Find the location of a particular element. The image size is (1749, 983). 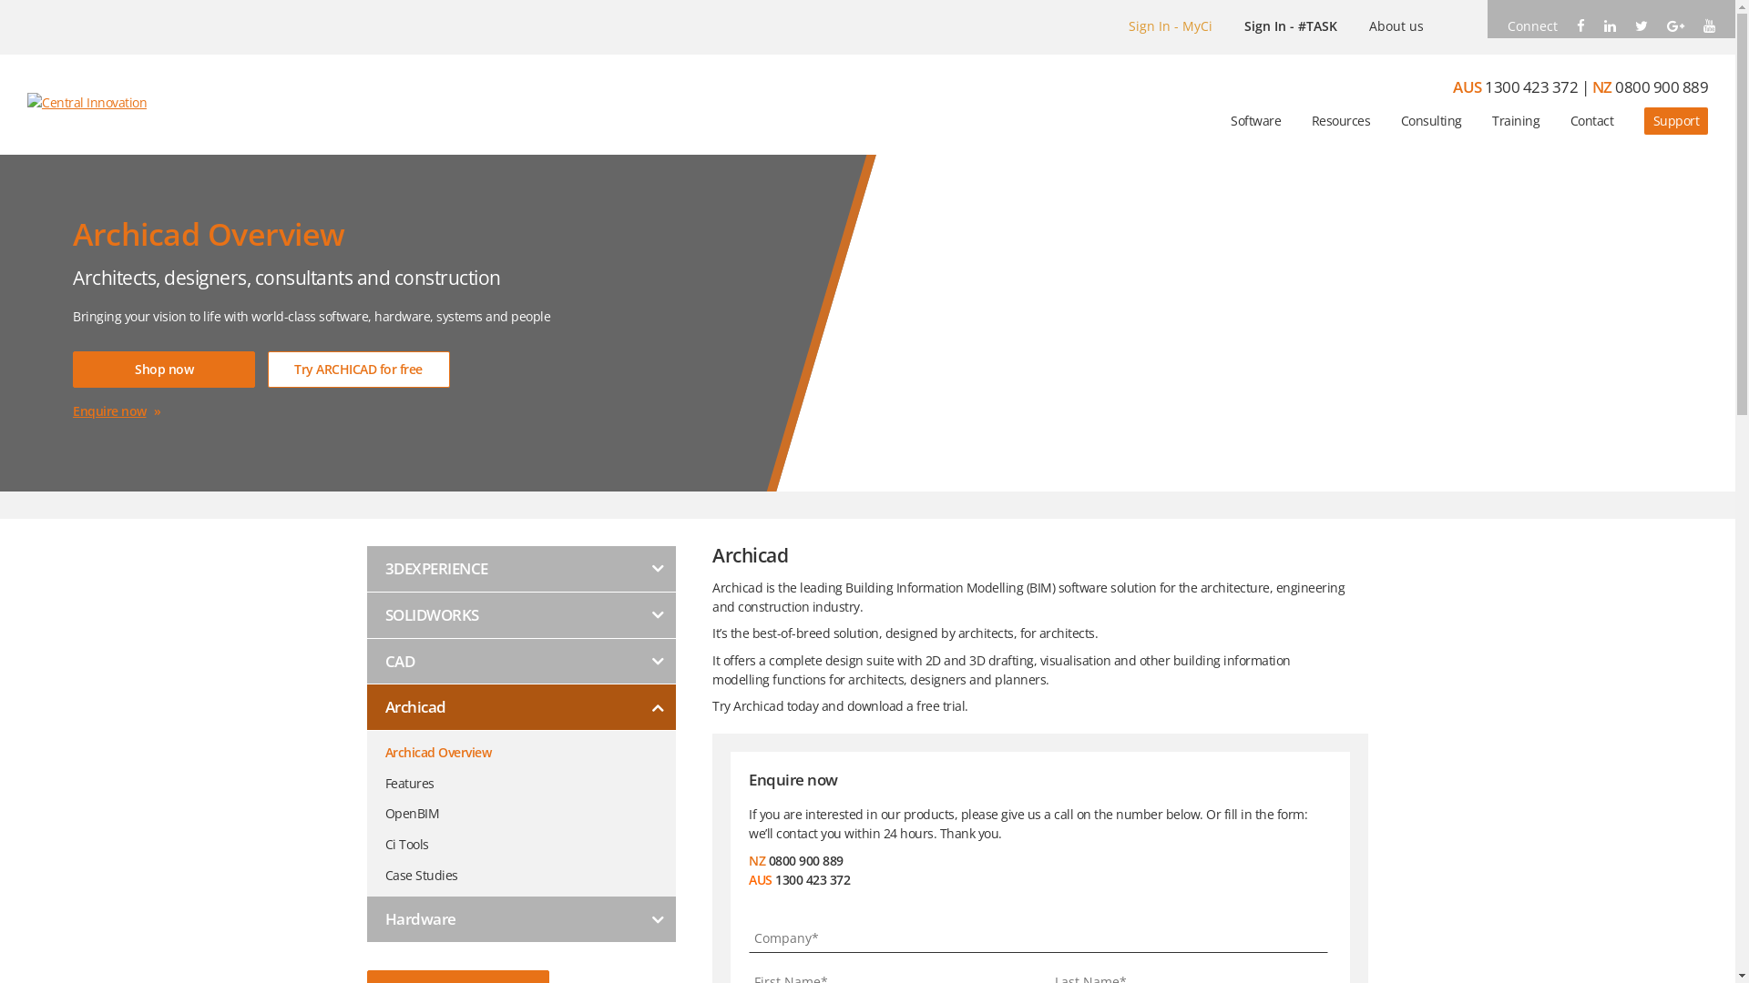

'Try ARCHICAD for free' is located at coordinates (358, 369).